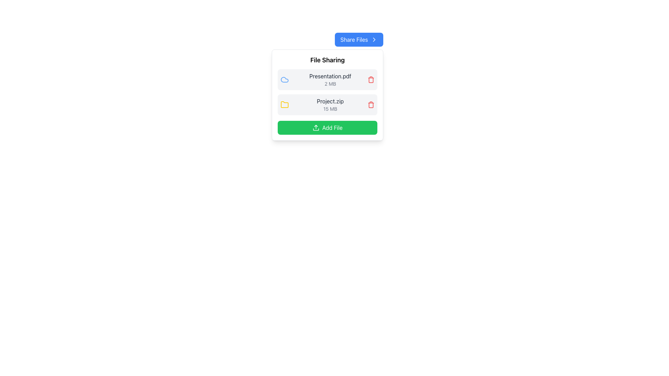  I want to click on the text label displaying '15 MB', which is styled in a small gray font and positioned below the filename 'Project.zip' in the file listing UI under the 'File Sharing' heading, so click(330, 109).